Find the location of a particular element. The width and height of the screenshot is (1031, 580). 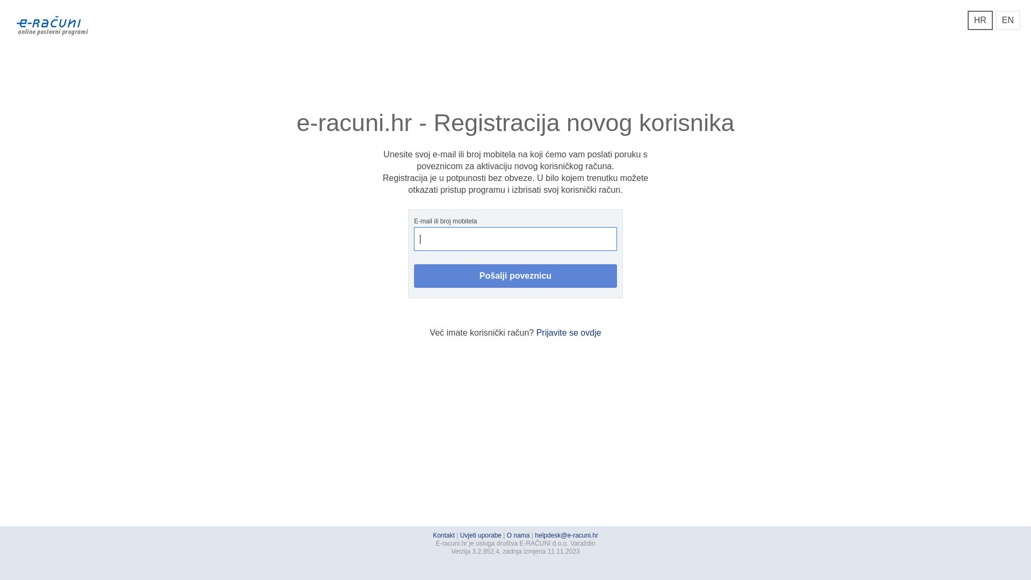

'EN' is located at coordinates (994, 20).